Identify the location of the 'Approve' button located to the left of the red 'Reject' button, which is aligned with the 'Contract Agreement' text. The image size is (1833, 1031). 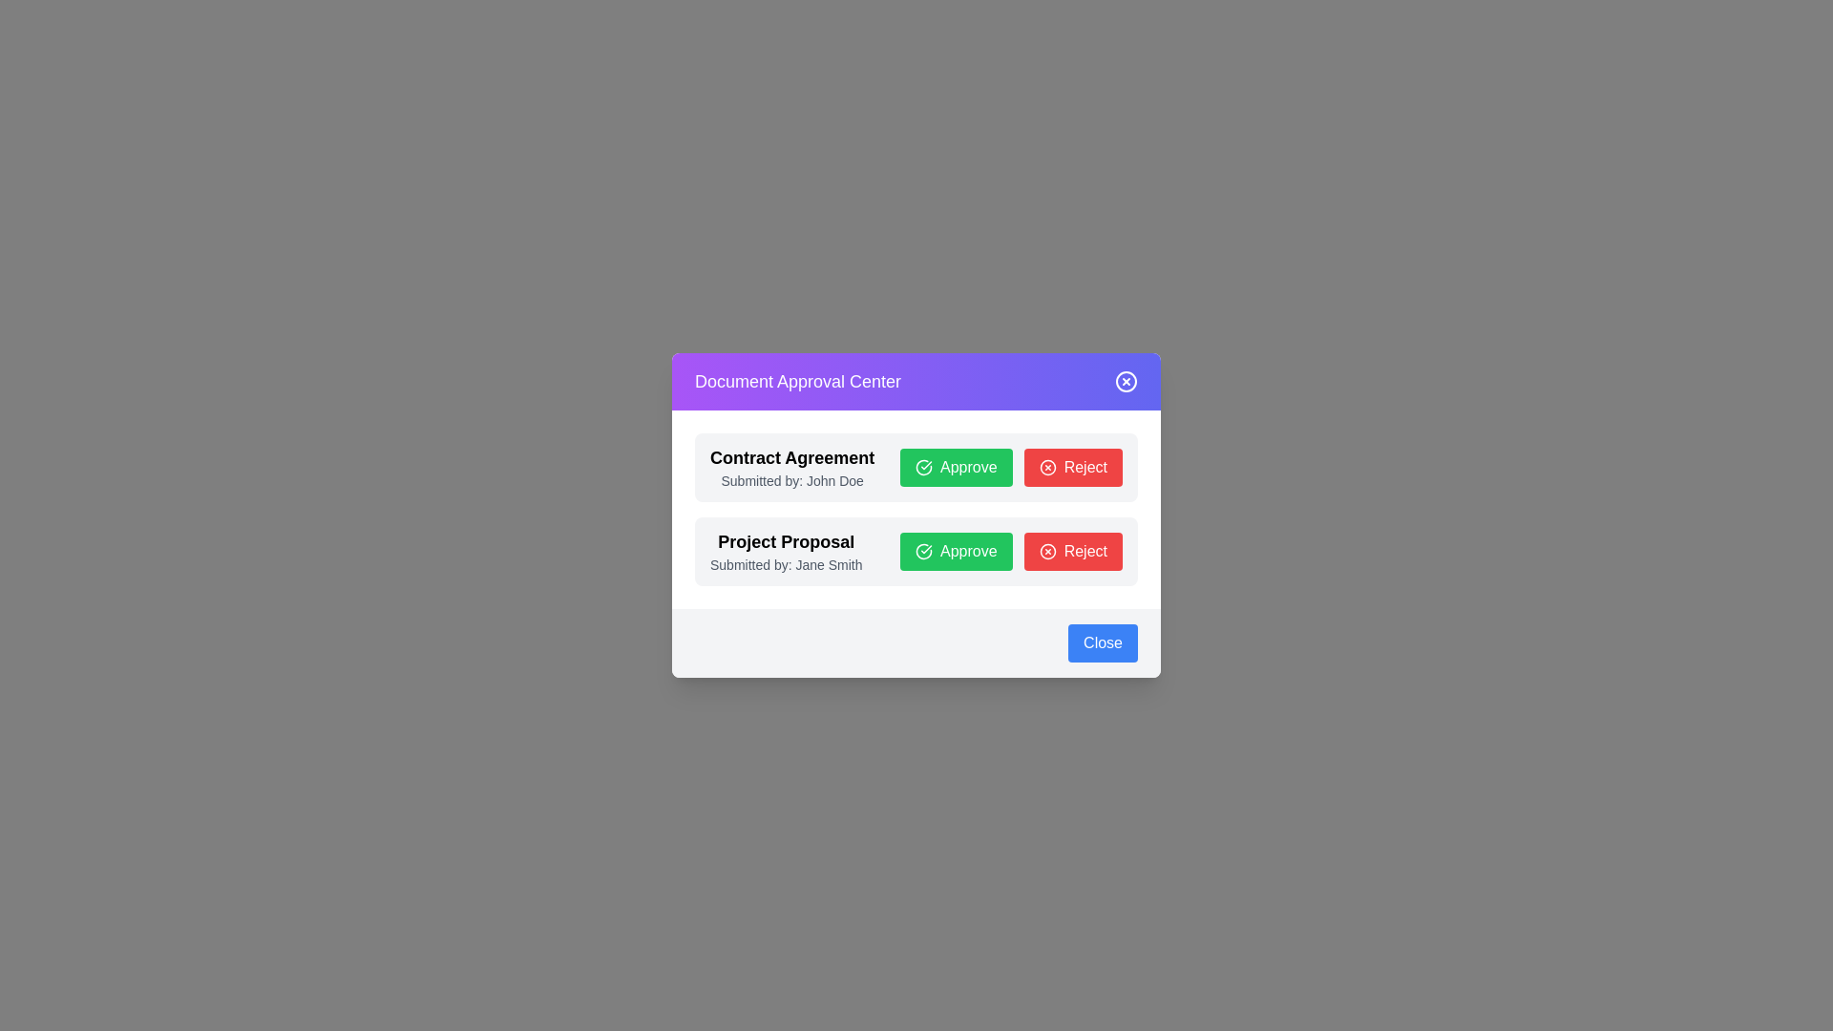
(956, 467).